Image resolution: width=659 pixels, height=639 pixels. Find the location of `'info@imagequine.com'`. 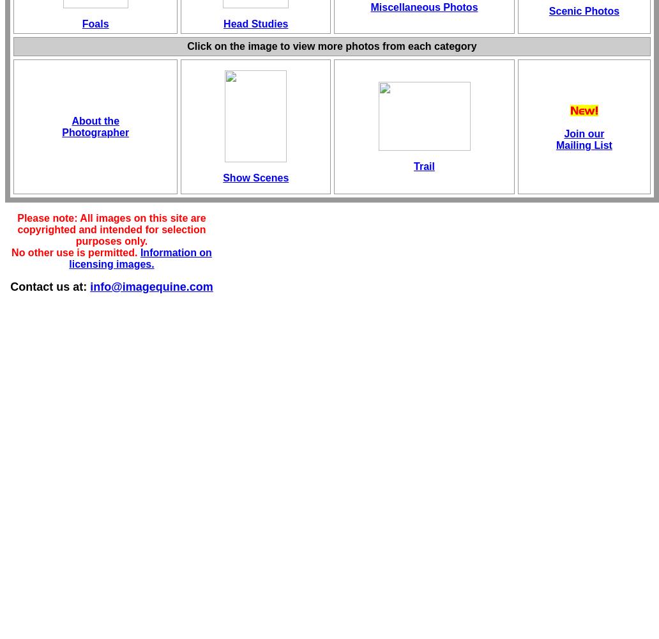

'info@imagequine.com' is located at coordinates (151, 286).